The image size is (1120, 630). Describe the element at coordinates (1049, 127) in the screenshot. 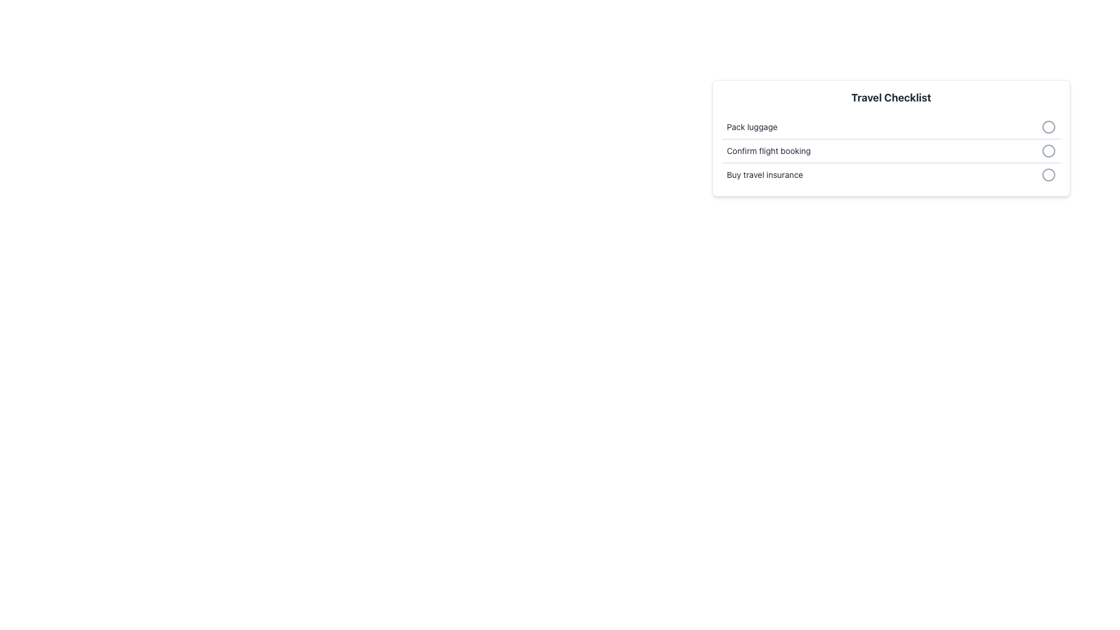

I see `the circular checkbox next to the text 'Pack luggage'` at that location.